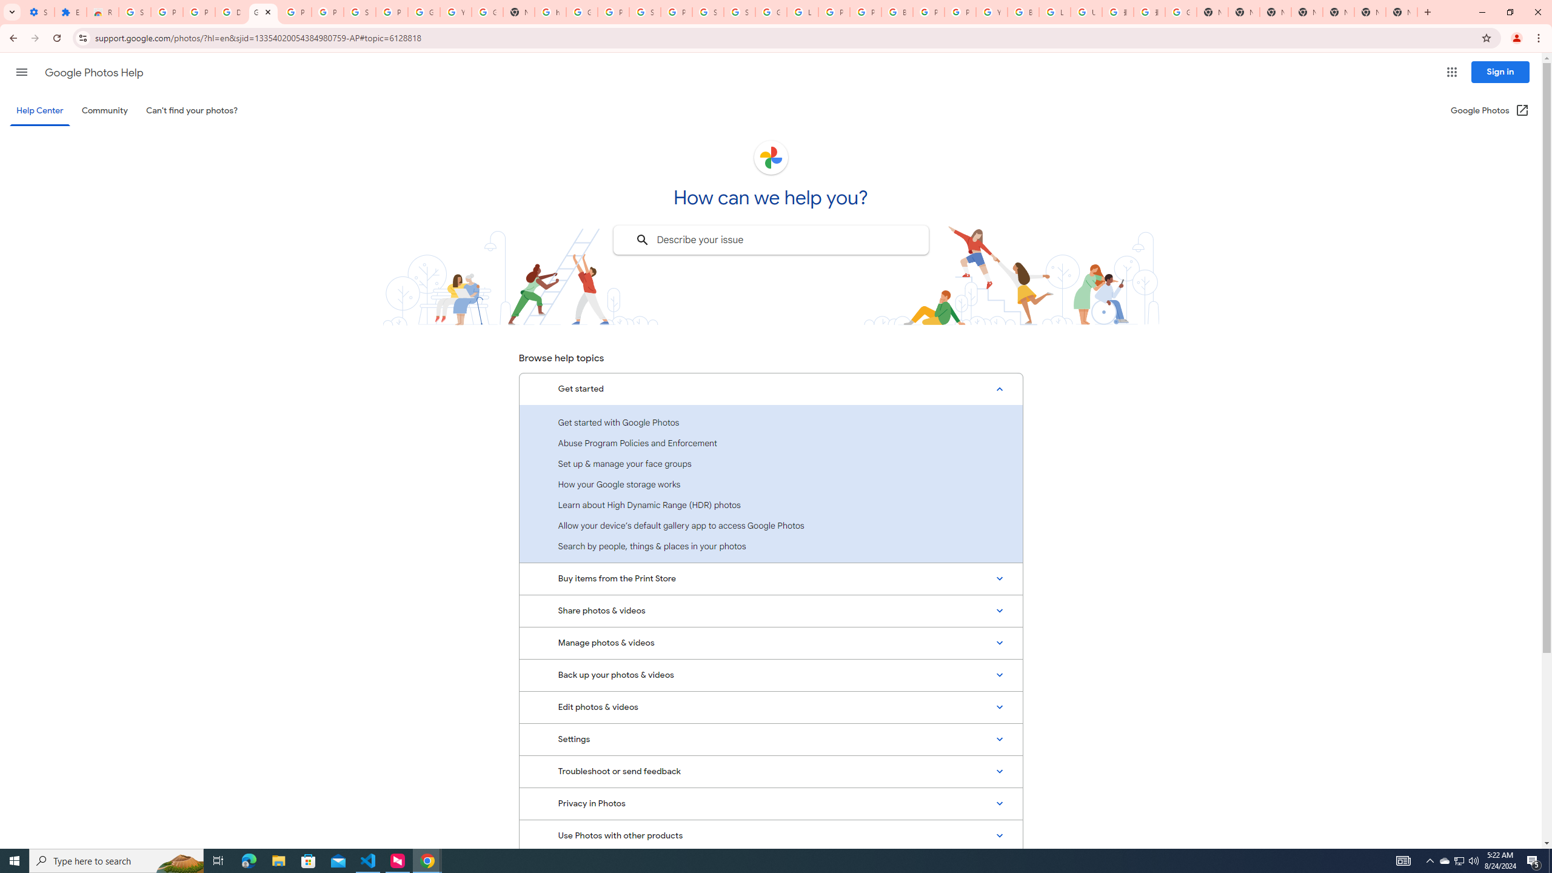 This screenshot has width=1552, height=873. Describe the element at coordinates (549, 12) in the screenshot. I see `'https://scholar.google.com/'` at that location.